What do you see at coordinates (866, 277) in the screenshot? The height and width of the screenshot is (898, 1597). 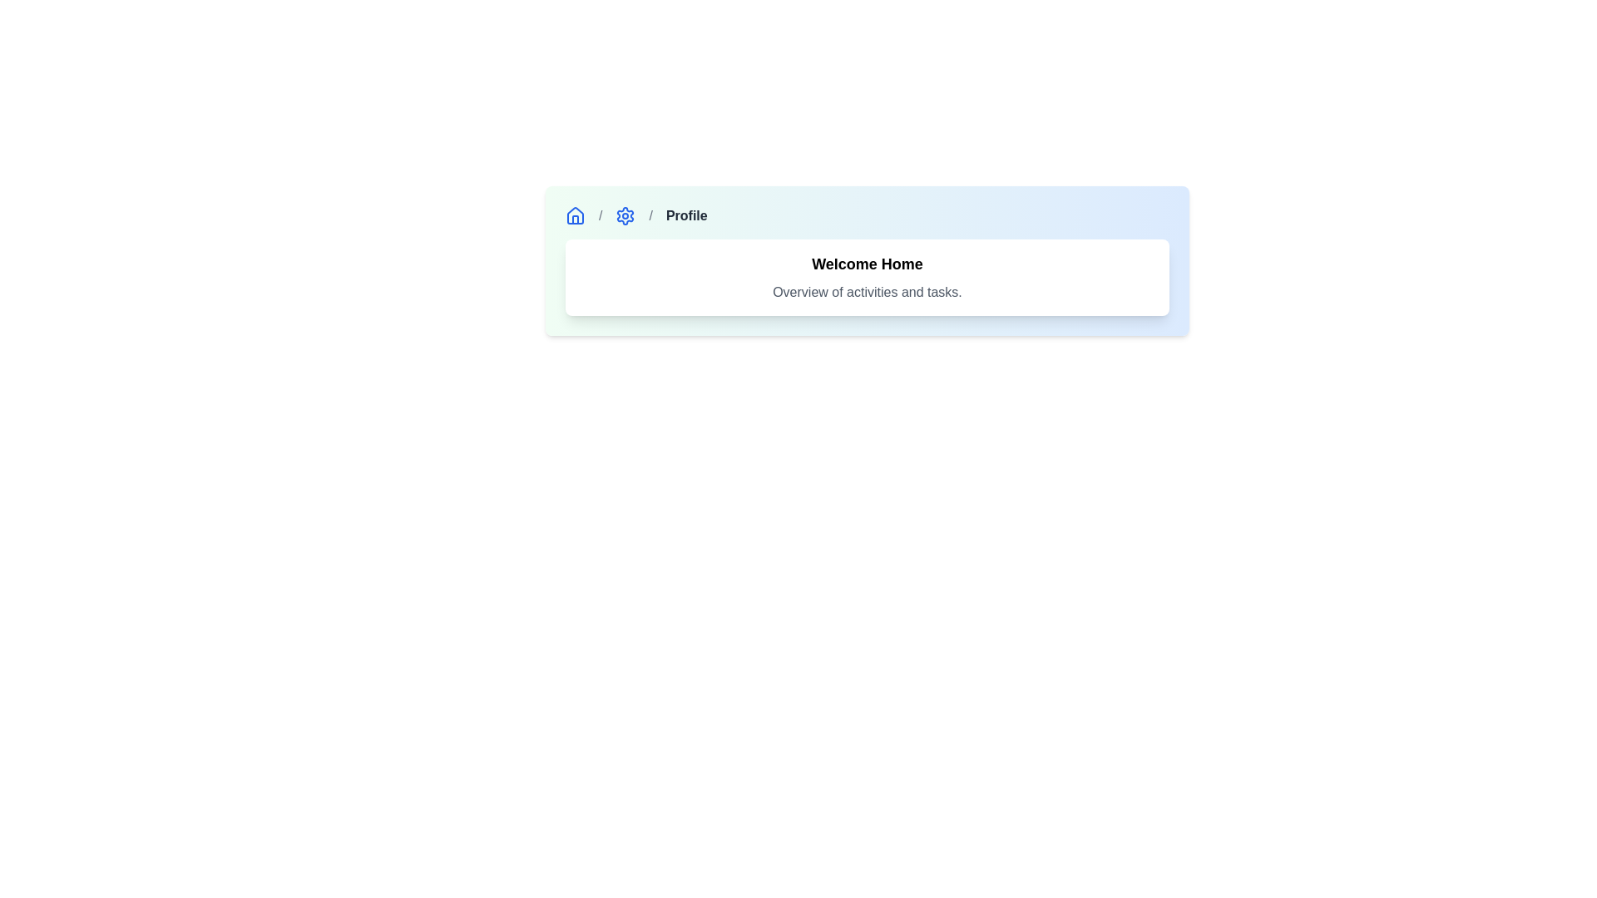 I see `the 'Welcome Home' text label group, which features a bold first line and a smaller second line on a white rounded rectangular background` at bounding box center [866, 277].